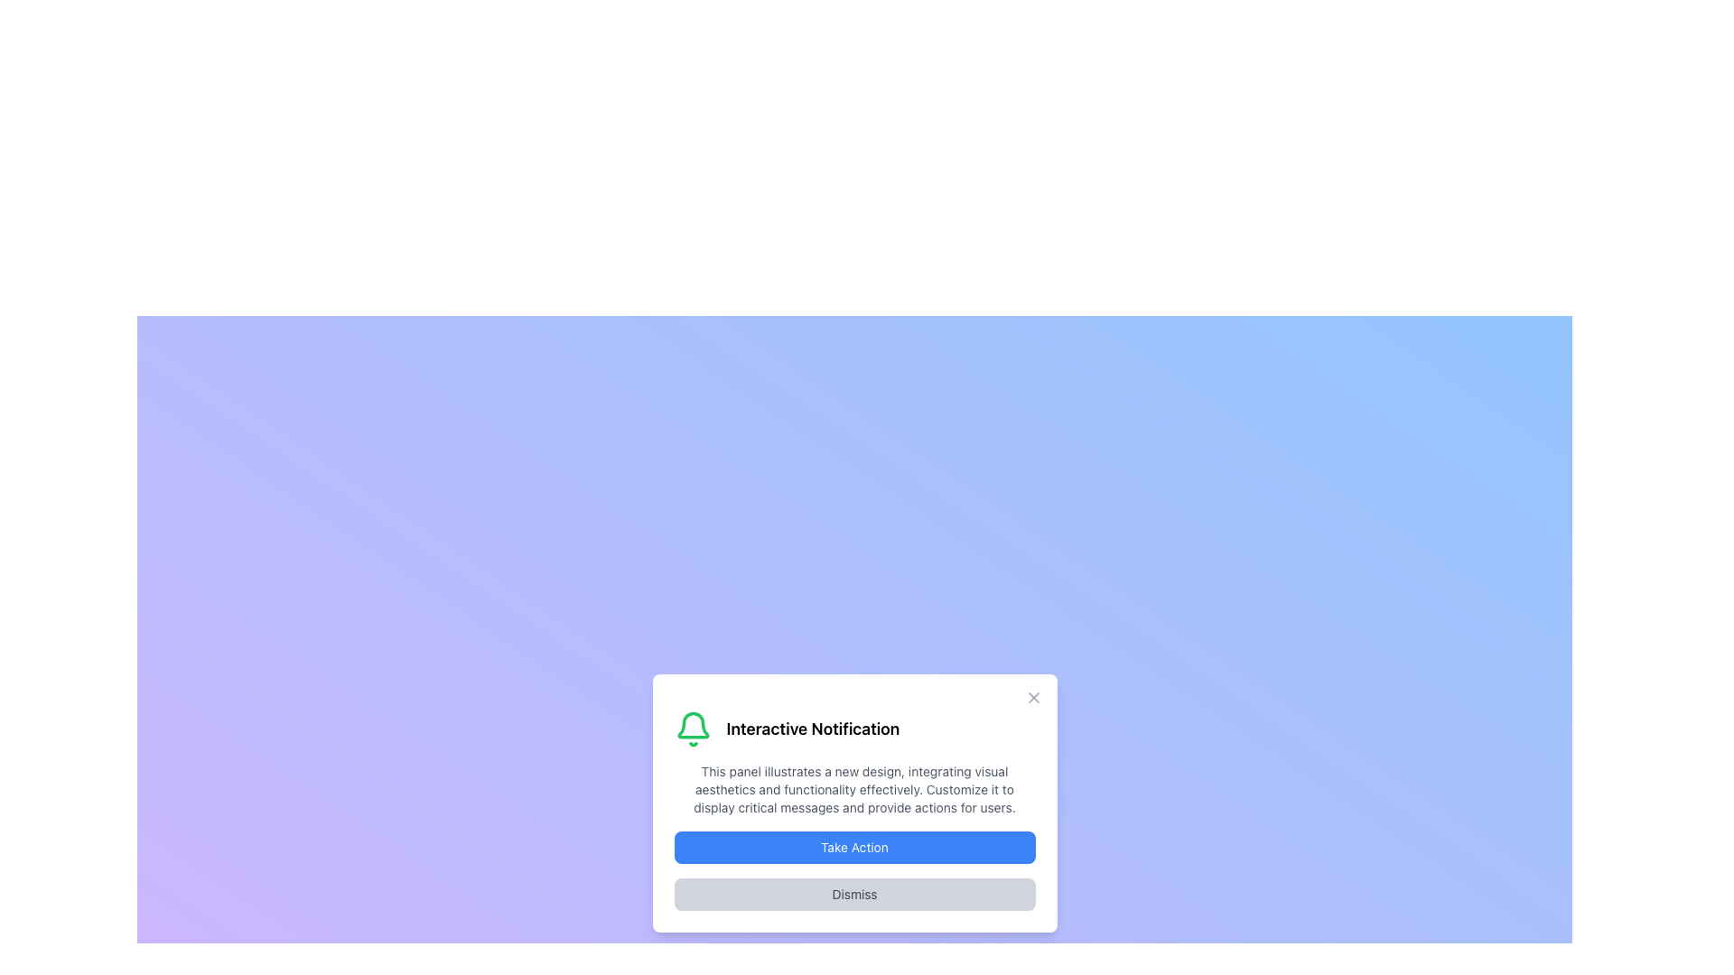 Image resolution: width=1734 pixels, height=975 pixels. What do you see at coordinates (853, 789) in the screenshot?
I see `the Static Text Display element, which is the second visible text component in the notification panel, styled in gray and providing guidance for customization` at bounding box center [853, 789].